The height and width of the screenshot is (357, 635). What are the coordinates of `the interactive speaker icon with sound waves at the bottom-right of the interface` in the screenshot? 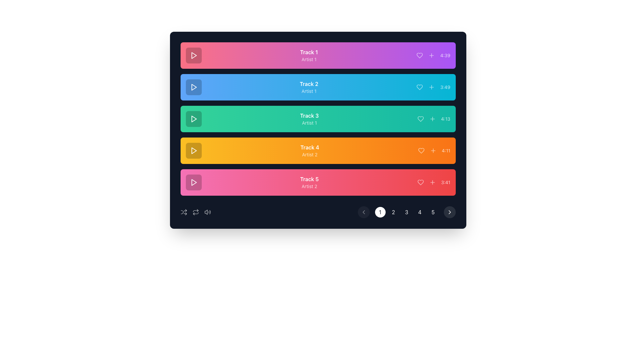 It's located at (207, 212).